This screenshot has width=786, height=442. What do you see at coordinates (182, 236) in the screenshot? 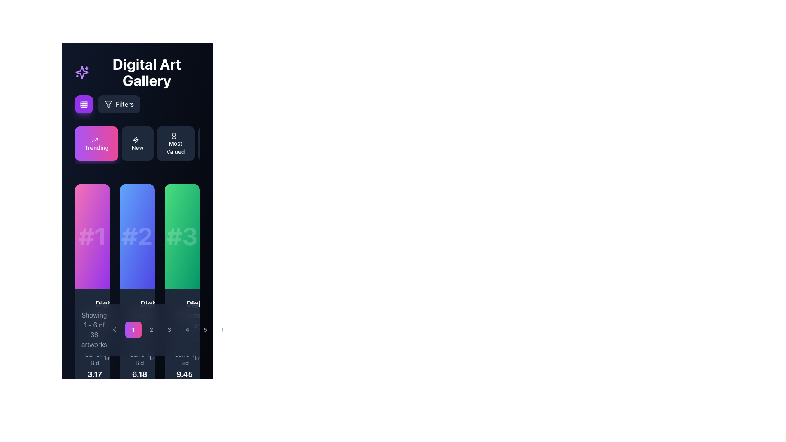
I see `the static text display showing '#3' in bold, sans-serif font, located in the third green card from the left in a series of vertically elongated rectangles` at bounding box center [182, 236].